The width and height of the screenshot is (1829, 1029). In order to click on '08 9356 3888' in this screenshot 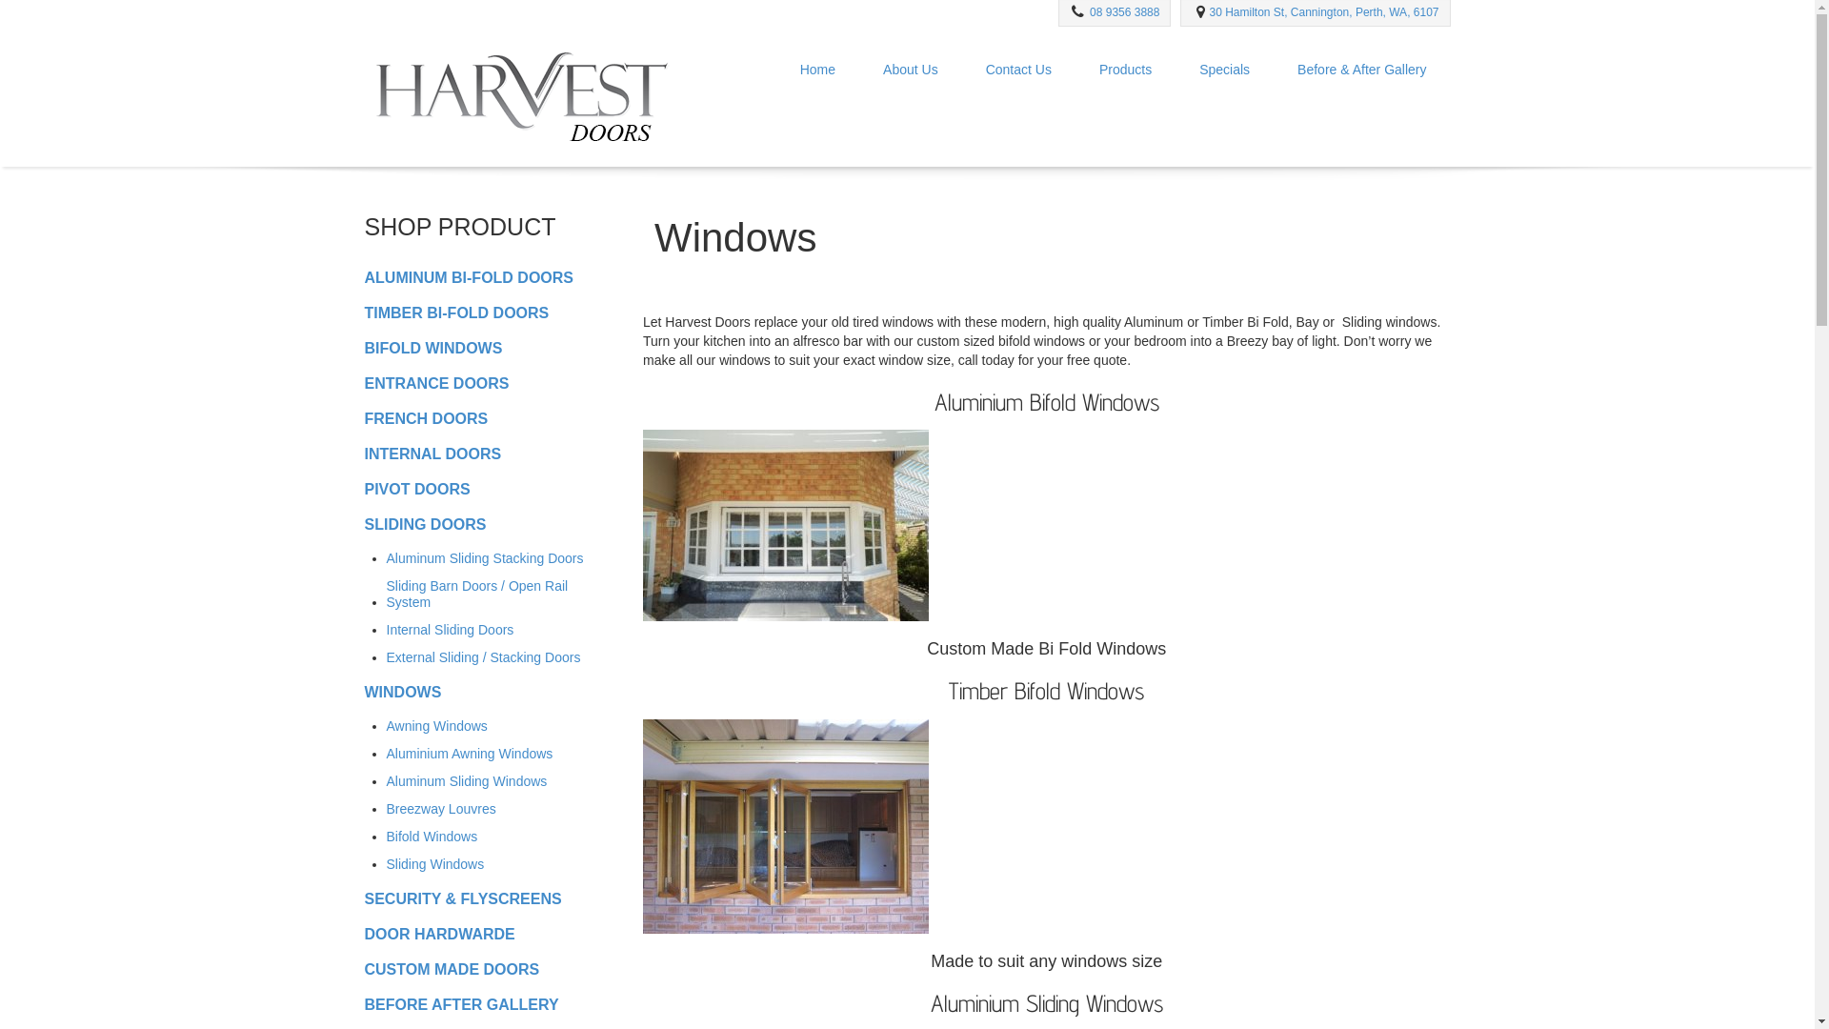, I will do `click(1124, 11)`.